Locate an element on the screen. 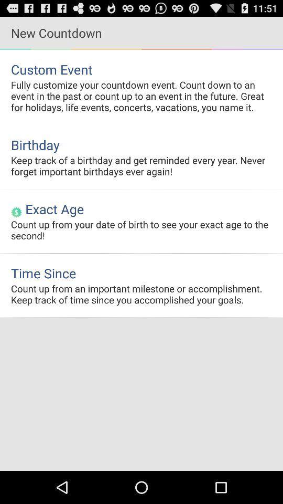  icon above birthday is located at coordinates (141, 96).